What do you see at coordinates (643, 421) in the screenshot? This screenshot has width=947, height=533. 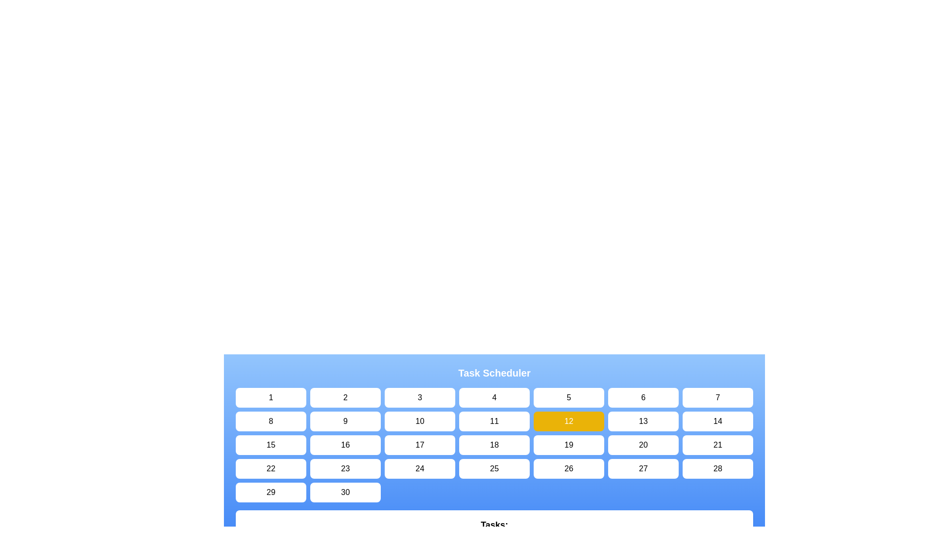 I see `the rectangular white button with the number '13'` at bounding box center [643, 421].